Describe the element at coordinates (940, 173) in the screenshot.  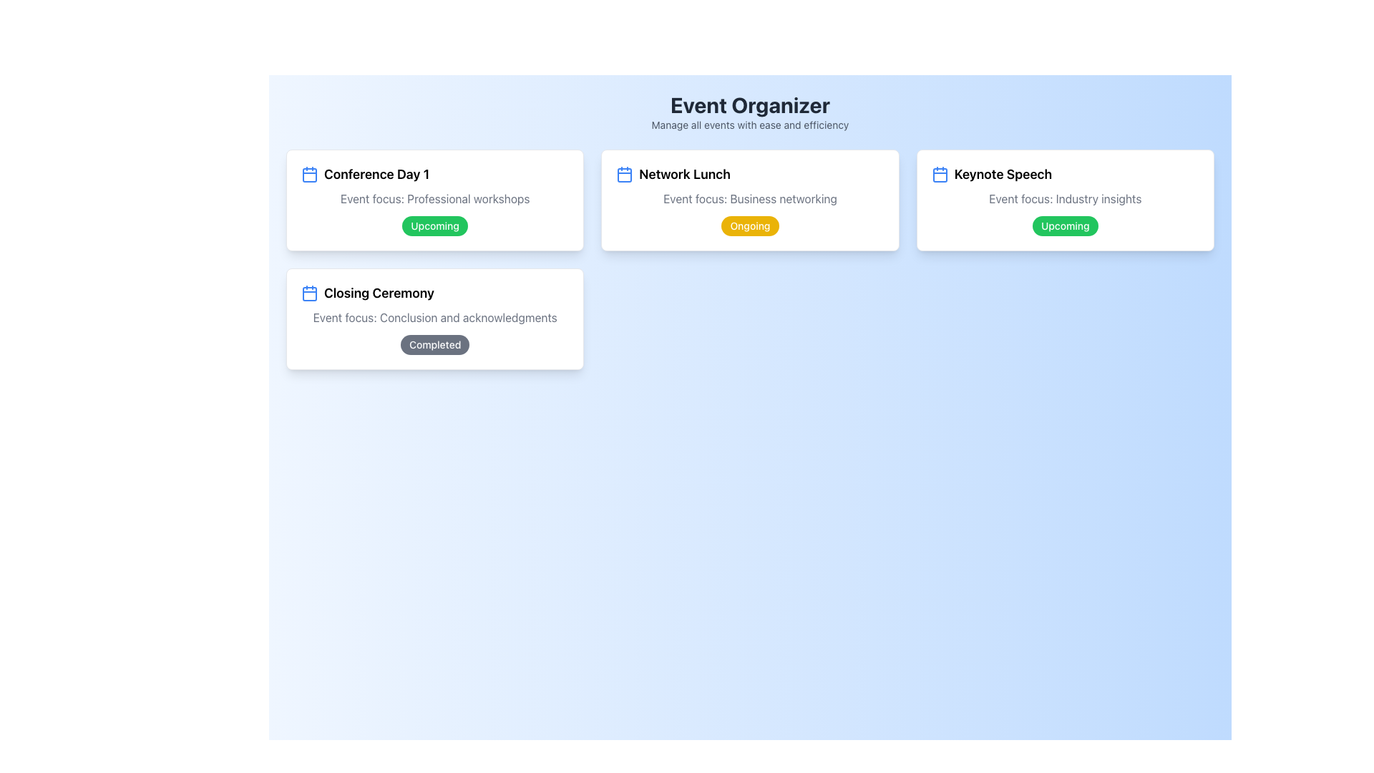
I see `the blue calendar icon located to the left of the 'Keynote Speech' title in the event card at the top right corner of the interface` at that location.